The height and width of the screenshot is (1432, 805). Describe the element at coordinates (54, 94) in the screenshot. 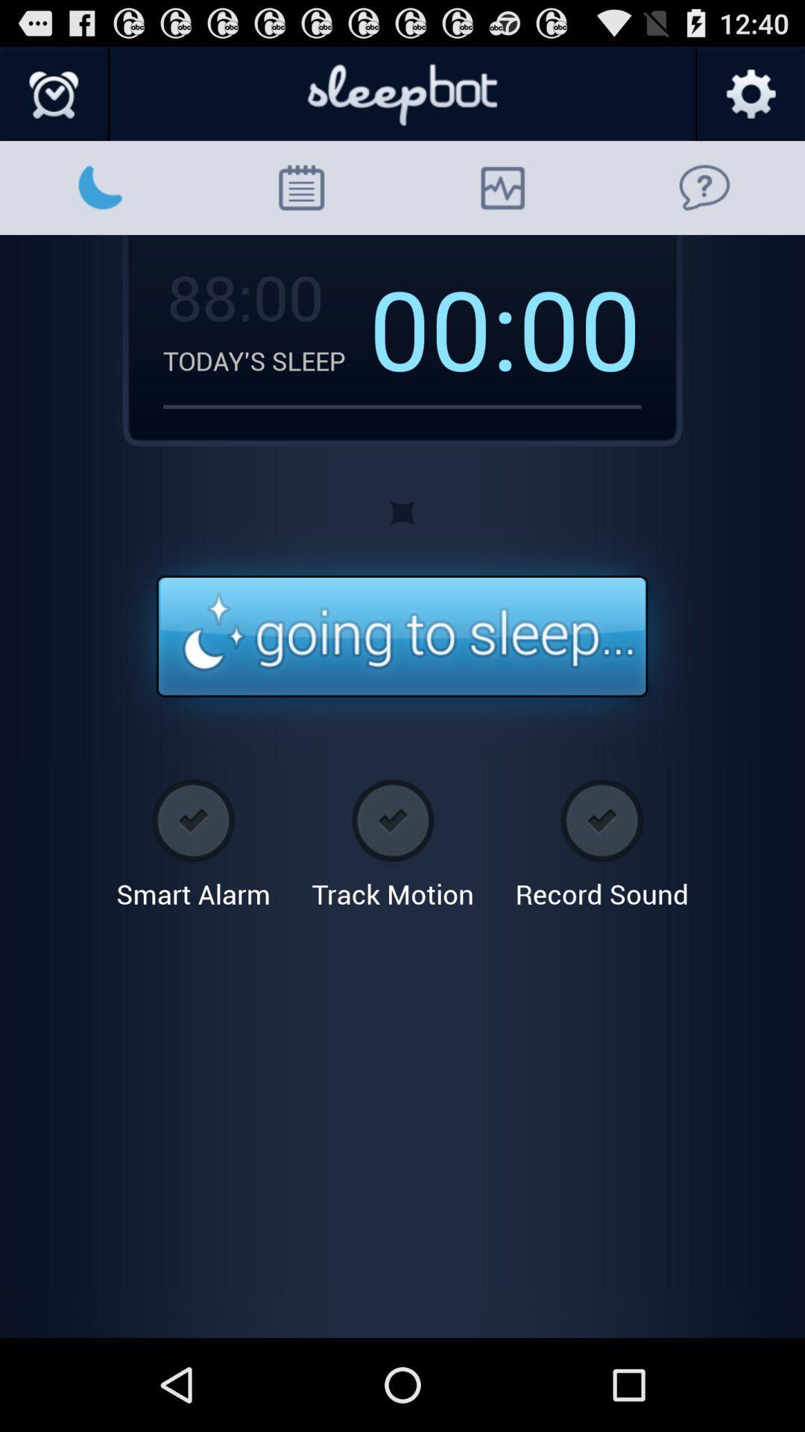

I see `set an alarm` at that location.